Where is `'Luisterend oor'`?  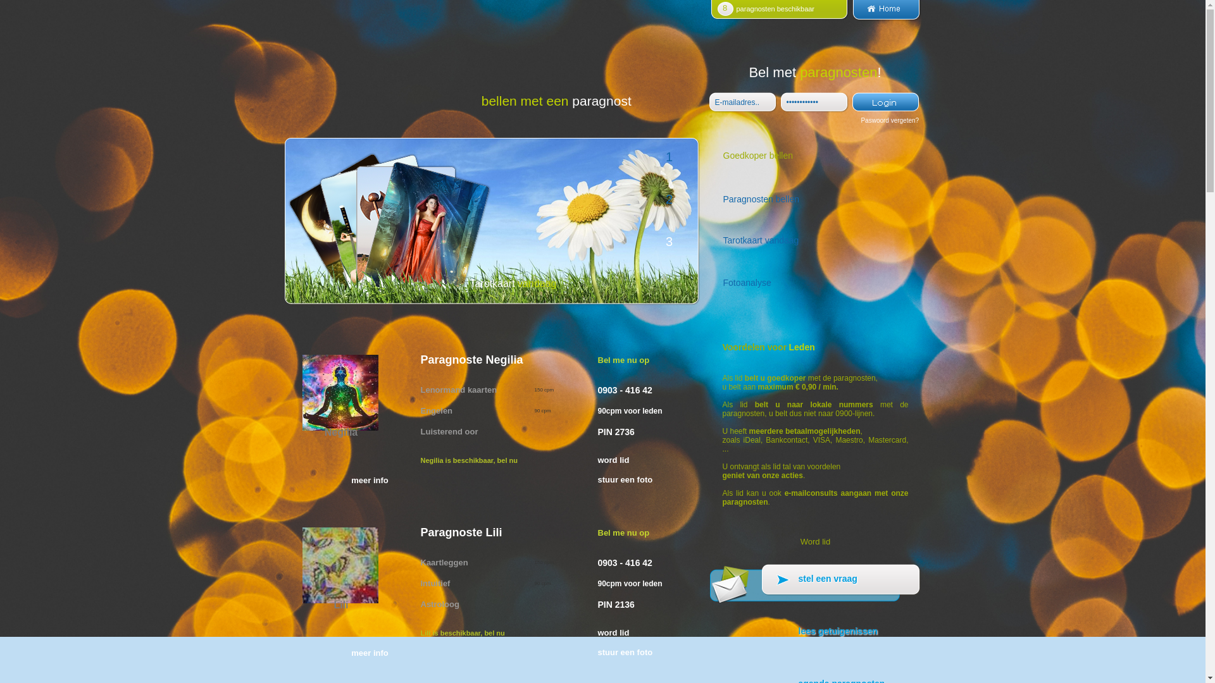 'Luisterend oor' is located at coordinates (449, 430).